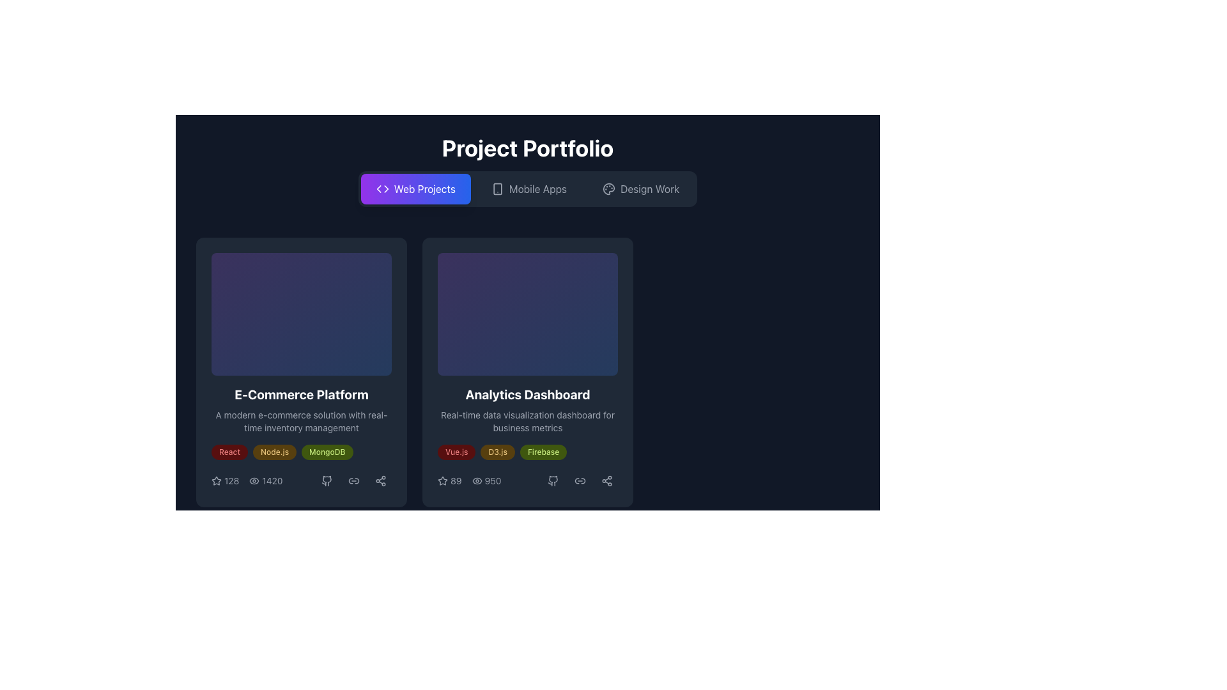 The height and width of the screenshot is (690, 1227). What do you see at coordinates (606, 480) in the screenshot?
I see `the sharing icon (SVG) located at the bottom-right corner of the 'Analytics Dashboard' card, which signifies sharing functionality` at bounding box center [606, 480].